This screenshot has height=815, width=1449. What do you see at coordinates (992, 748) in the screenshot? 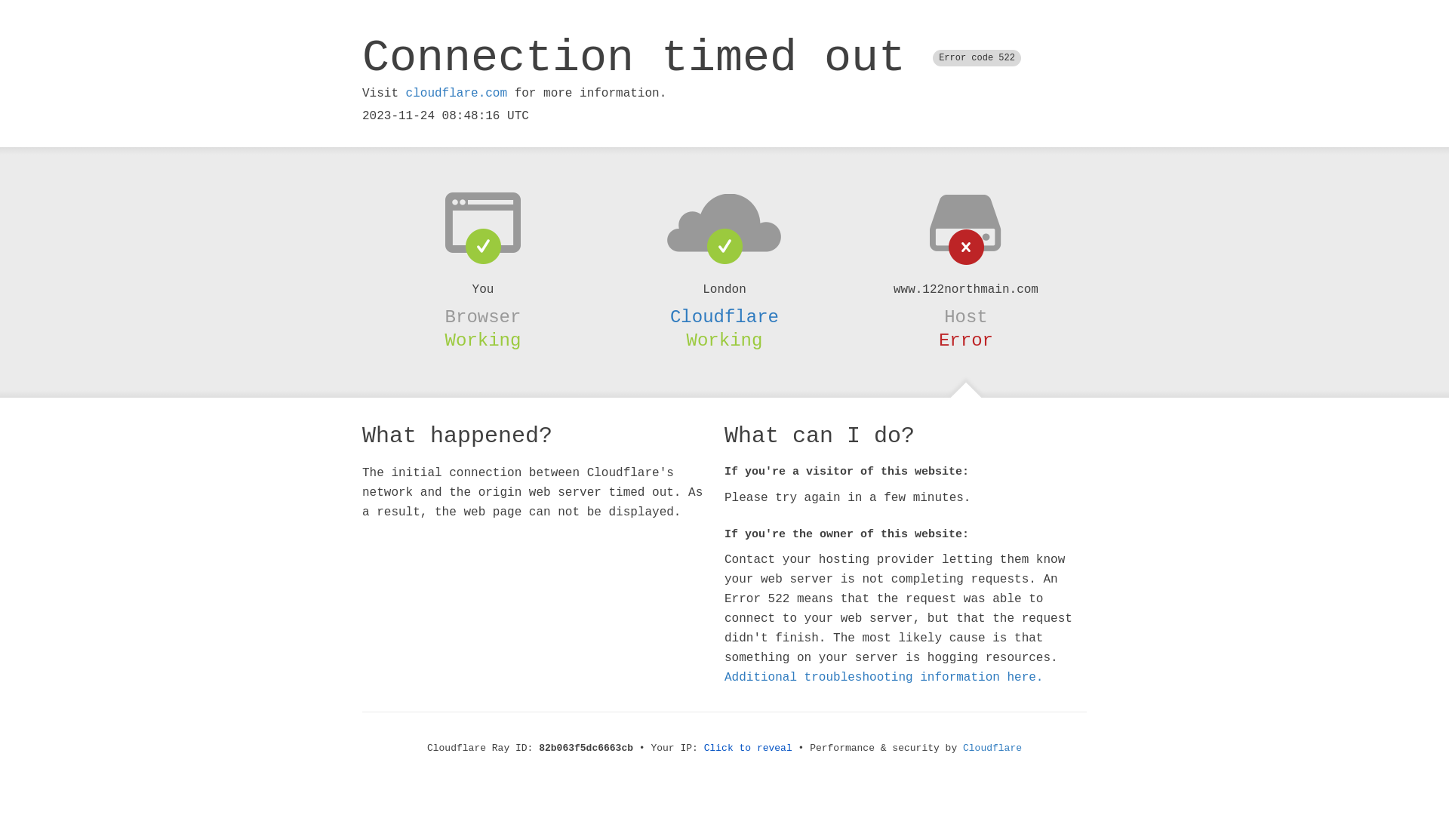
I see `'Cloudflare'` at bounding box center [992, 748].